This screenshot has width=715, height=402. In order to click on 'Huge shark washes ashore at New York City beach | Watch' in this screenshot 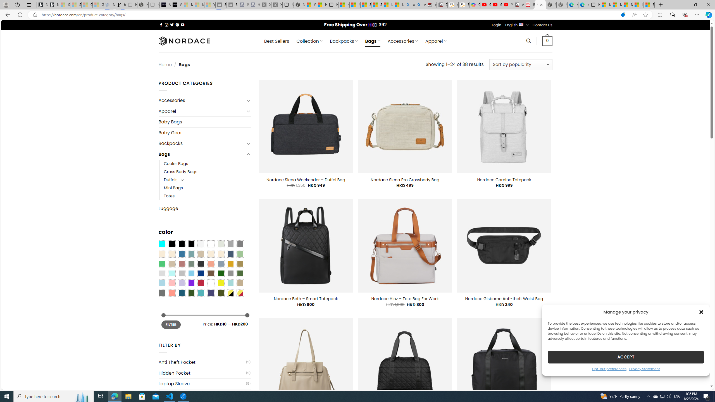, I will do `click(321, 4)`.